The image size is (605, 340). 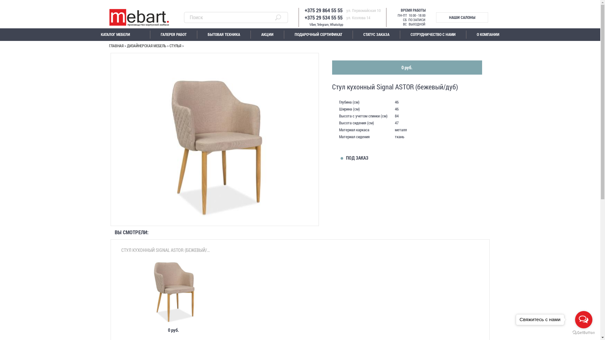 What do you see at coordinates (294, 9) in the screenshot?
I see `'+375 29 864 55 55'` at bounding box center [294, 9].